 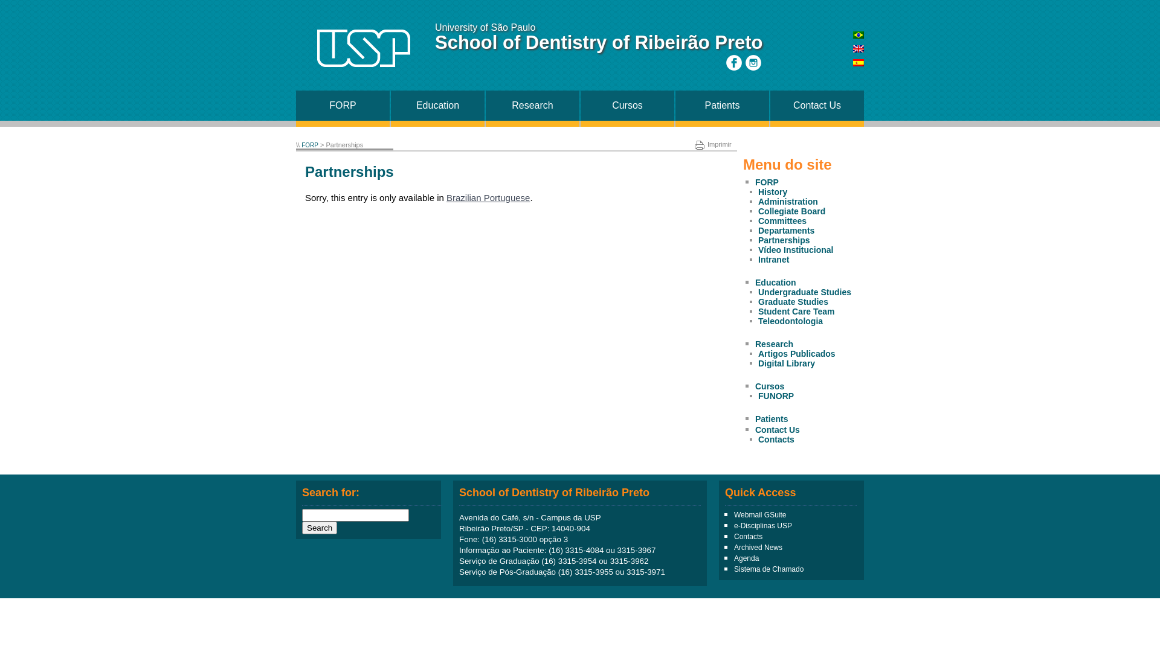 What do you see at coordinates (319, 527) in the screenshot?
I see `'Search'` at bounding box center [319, 527].